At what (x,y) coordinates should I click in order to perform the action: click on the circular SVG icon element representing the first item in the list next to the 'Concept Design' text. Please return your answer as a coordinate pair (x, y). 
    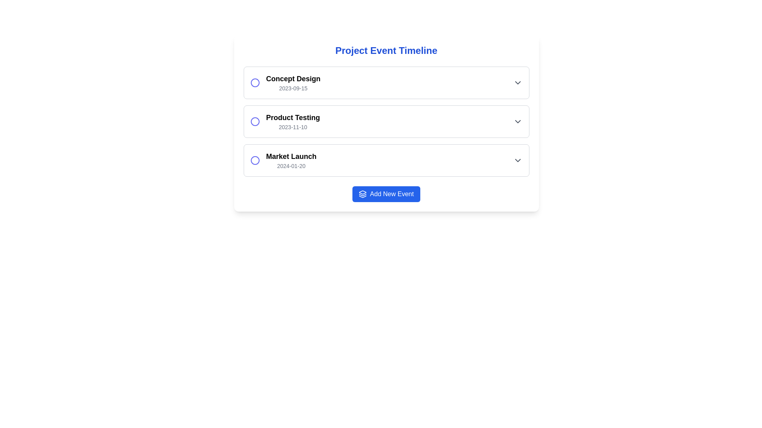
    Looking at the image, I should click on (255, 82).